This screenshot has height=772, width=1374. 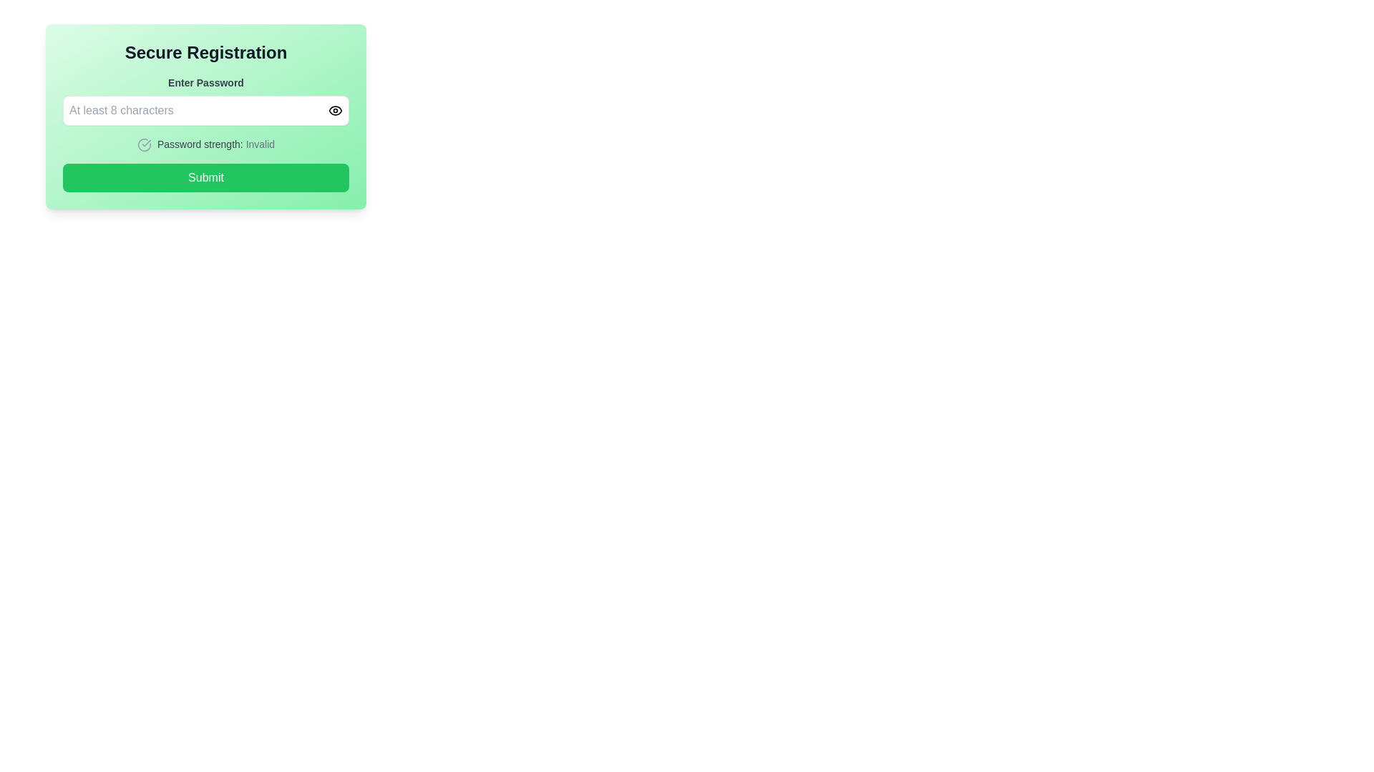 I want to click on the 'Submit' button with a green background and white text, so click(x=205, y=177).